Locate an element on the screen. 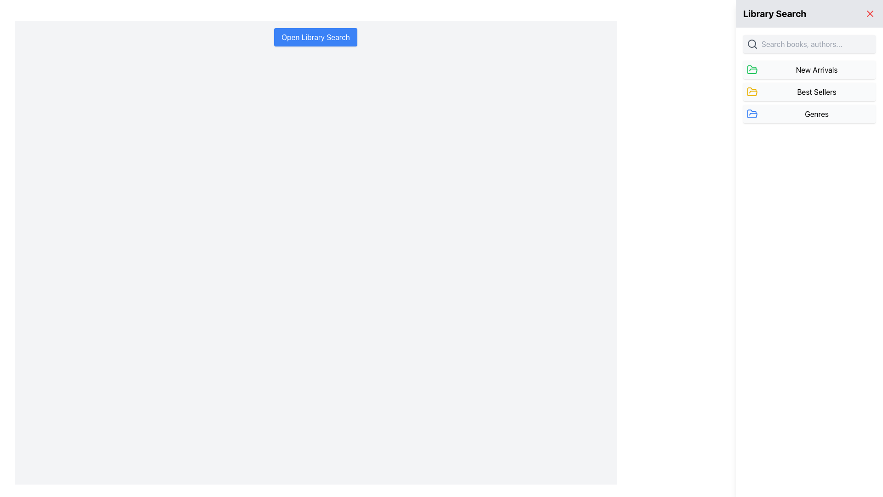 This screenshot has height=497, width=883. the green folder icon labeled 'New Arrivals' is located at coordinates (752, 69).